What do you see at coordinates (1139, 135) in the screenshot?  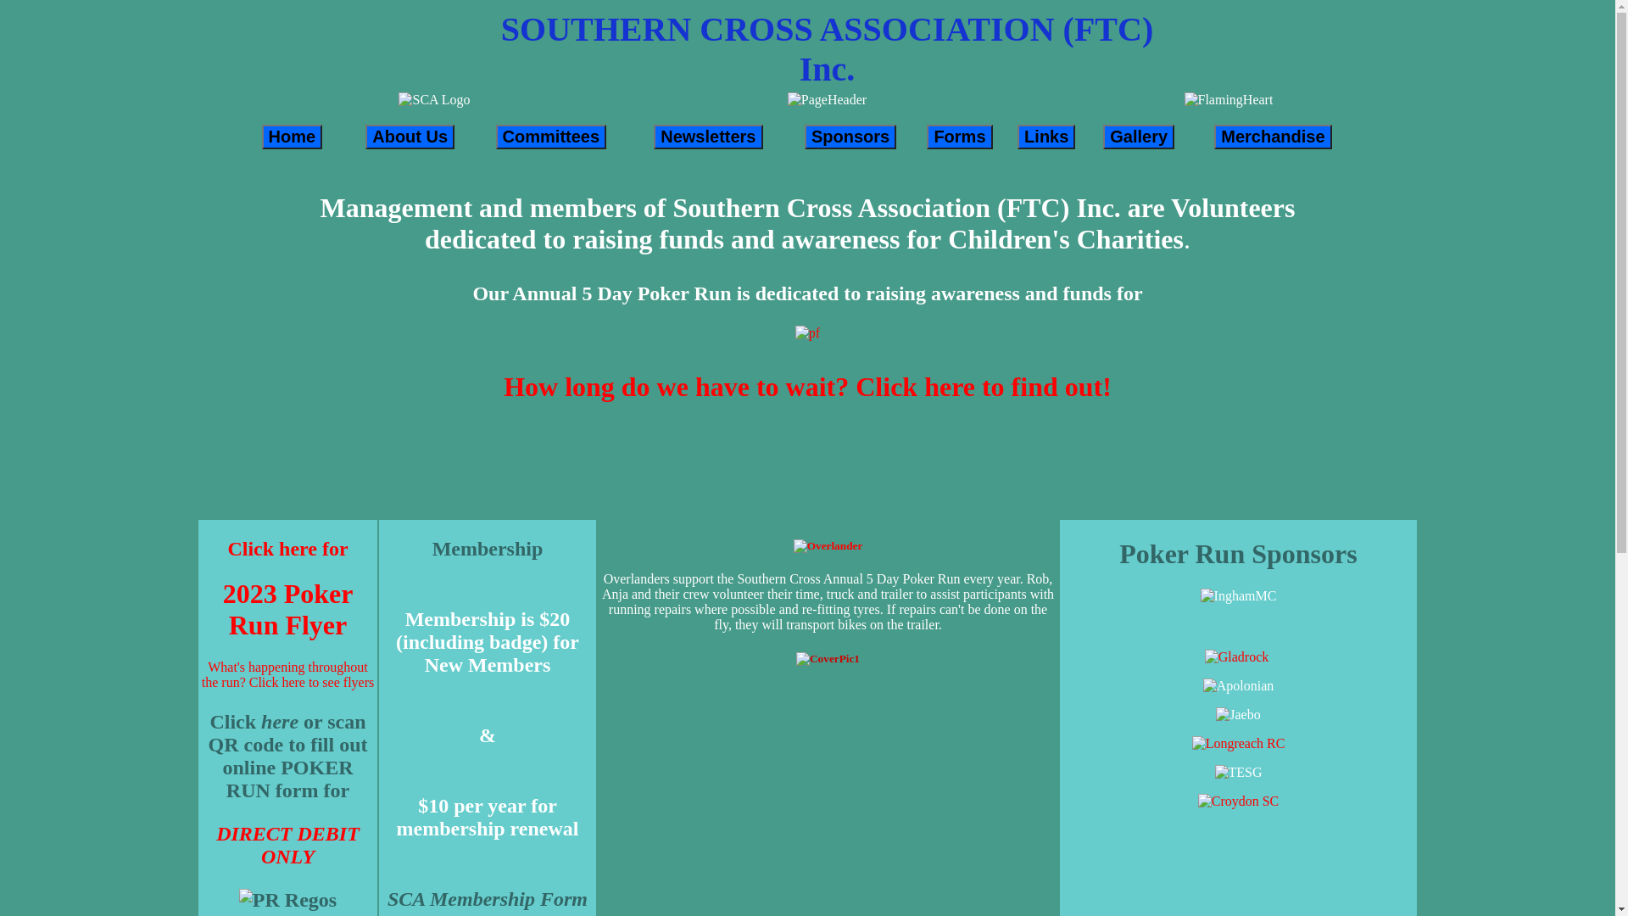 I see `'Gallery'` at bounding box center [1139, 135].